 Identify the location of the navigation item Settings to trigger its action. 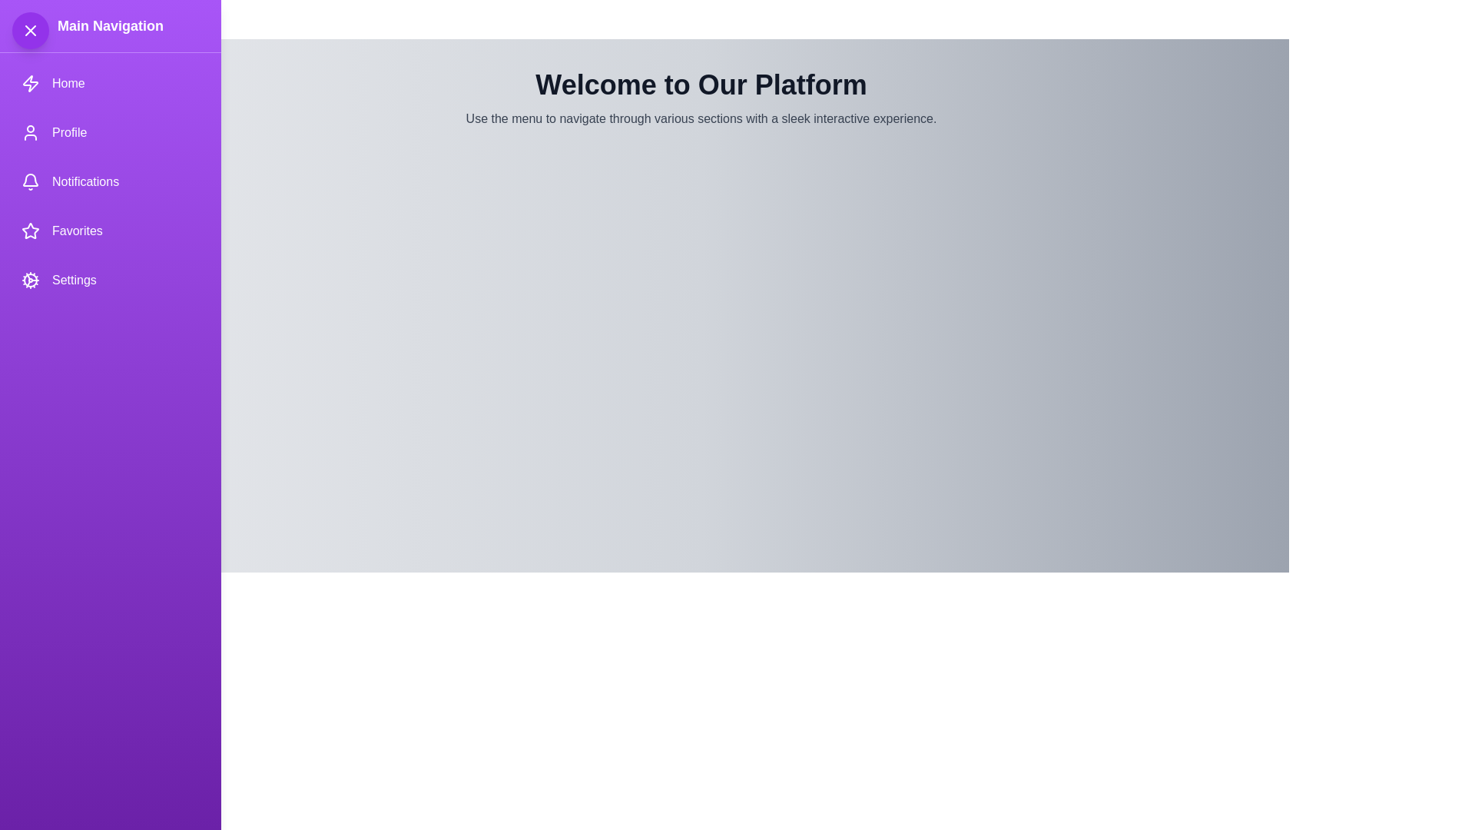
(110, 281).